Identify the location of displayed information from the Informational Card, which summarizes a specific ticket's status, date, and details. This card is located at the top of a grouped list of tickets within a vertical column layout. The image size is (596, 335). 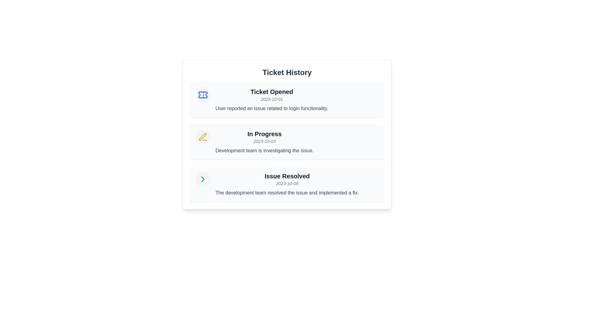
(287, 99).